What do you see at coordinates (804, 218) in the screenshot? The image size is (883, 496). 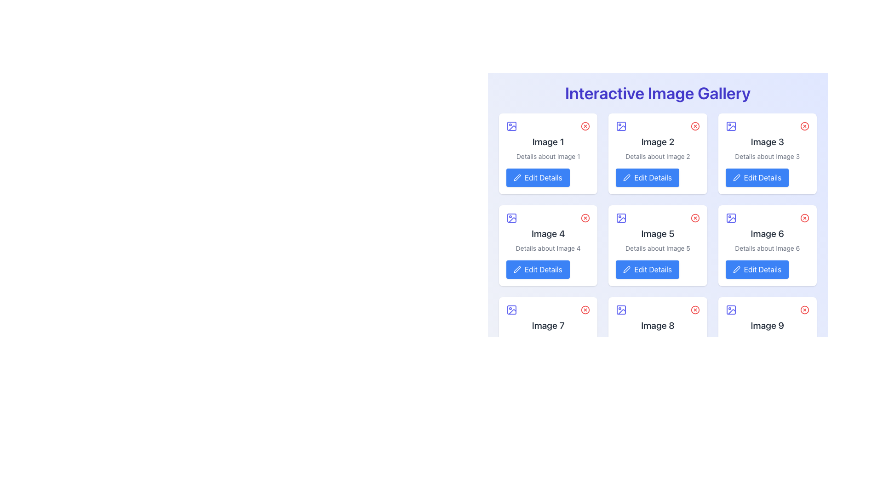 I see `the close or delete button located in the top-right corner of the grid cell labeled 'Image 6'` at bounding box center [804, 218].